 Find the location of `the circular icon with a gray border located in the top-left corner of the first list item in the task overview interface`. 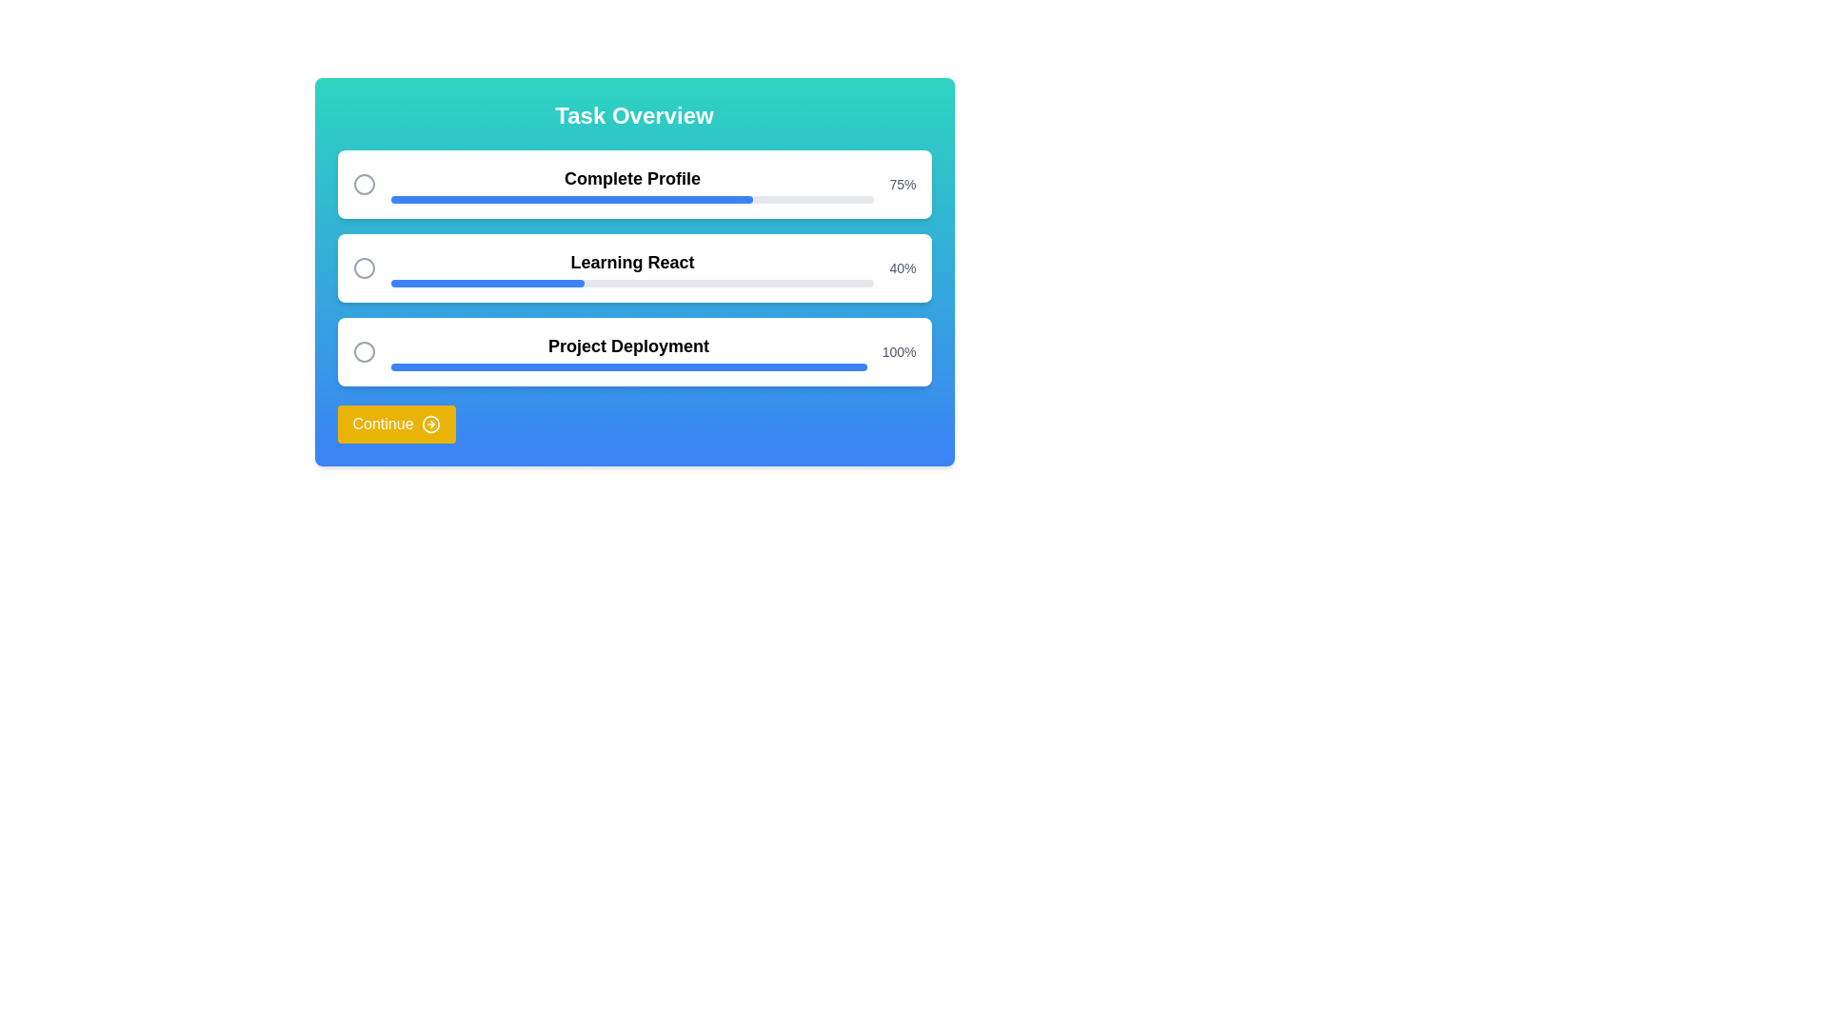

the circular icon with a gray border located in the top-left corner of the first list item in the task overview interface is located at coordinates (364, 184).